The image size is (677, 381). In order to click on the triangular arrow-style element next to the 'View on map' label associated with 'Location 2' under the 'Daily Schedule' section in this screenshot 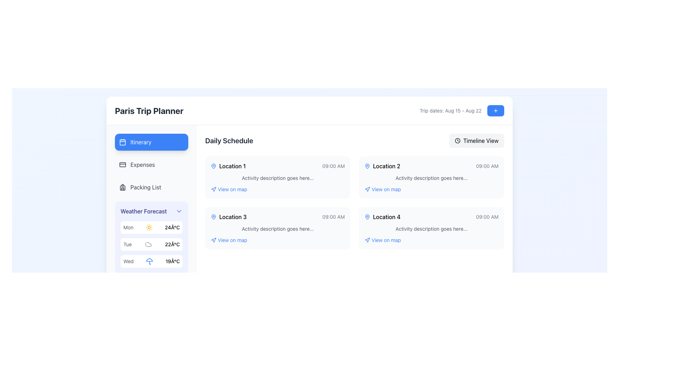, I will do `click(367, 240)`.